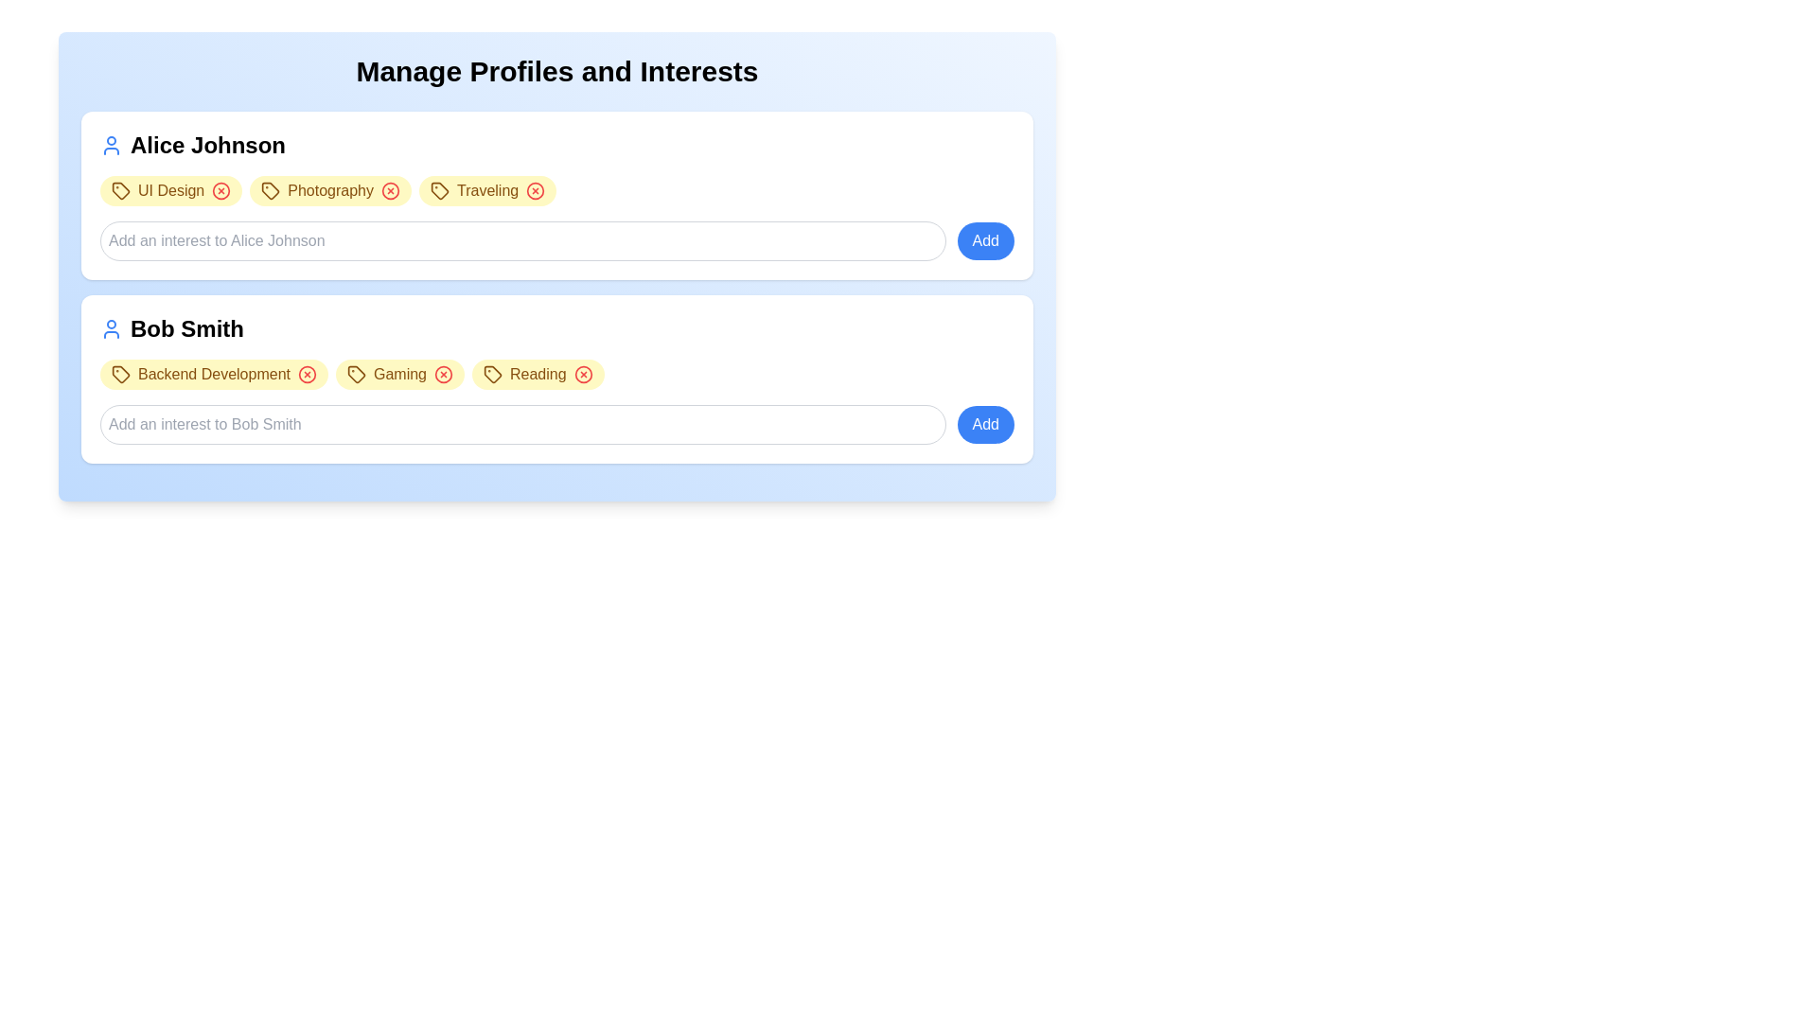 Image resolution: width=1817 pixels, height=1022 pixels. Describe the element at coordinates (582, 375) in the screenshot. I see `the circular red button with a white cross in the middle located in the 'Manage Profiles and Interests' interface, to the right of the 'Reading' tag for 'Bob Smith'` at that location.